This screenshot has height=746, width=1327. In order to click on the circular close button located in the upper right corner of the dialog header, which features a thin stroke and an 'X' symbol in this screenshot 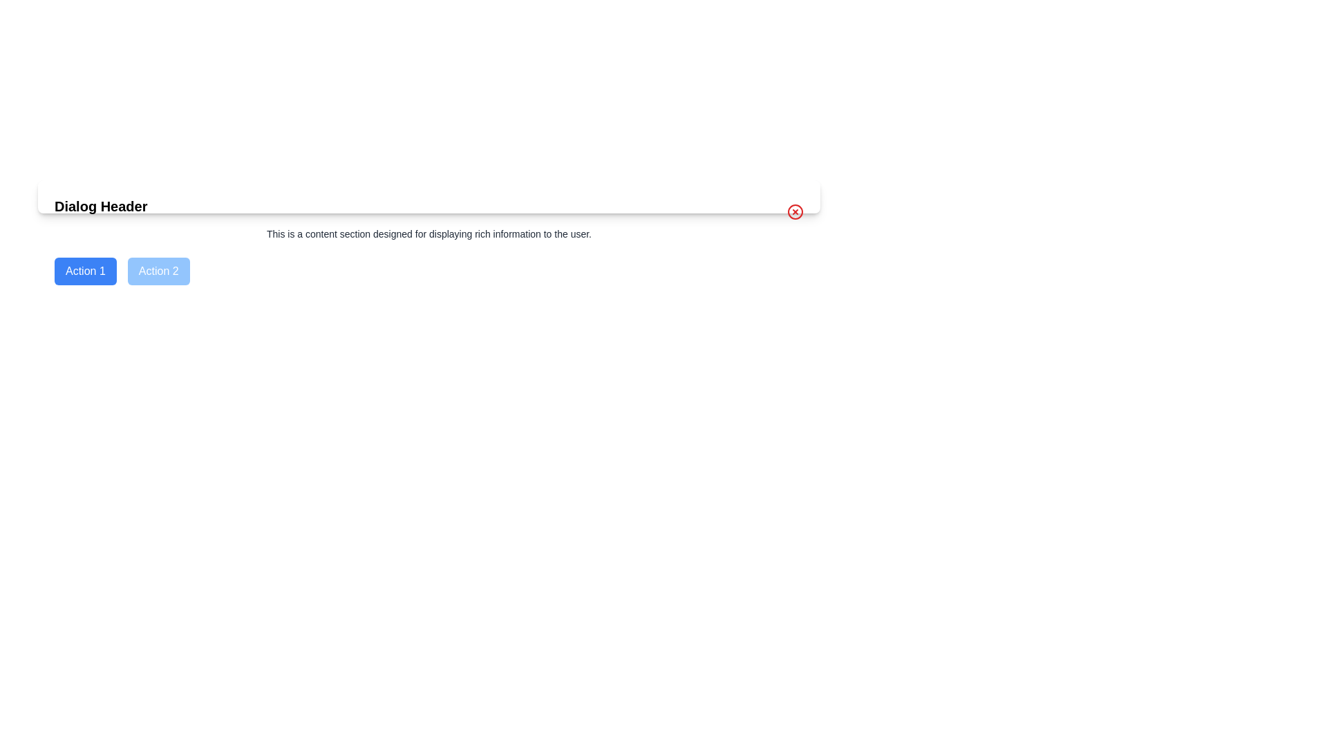, I will do `click(796, 212)`.